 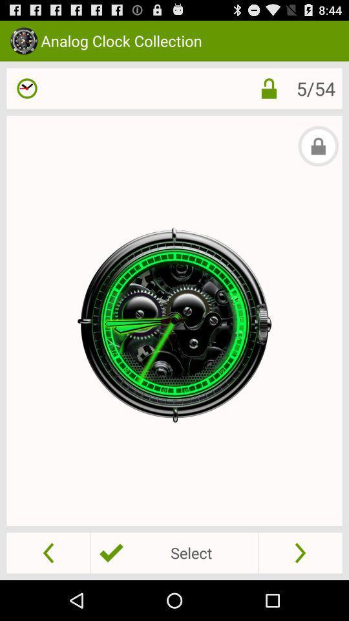 I want to click on the app to the left of the 5/54, so click(x=268, y=87).